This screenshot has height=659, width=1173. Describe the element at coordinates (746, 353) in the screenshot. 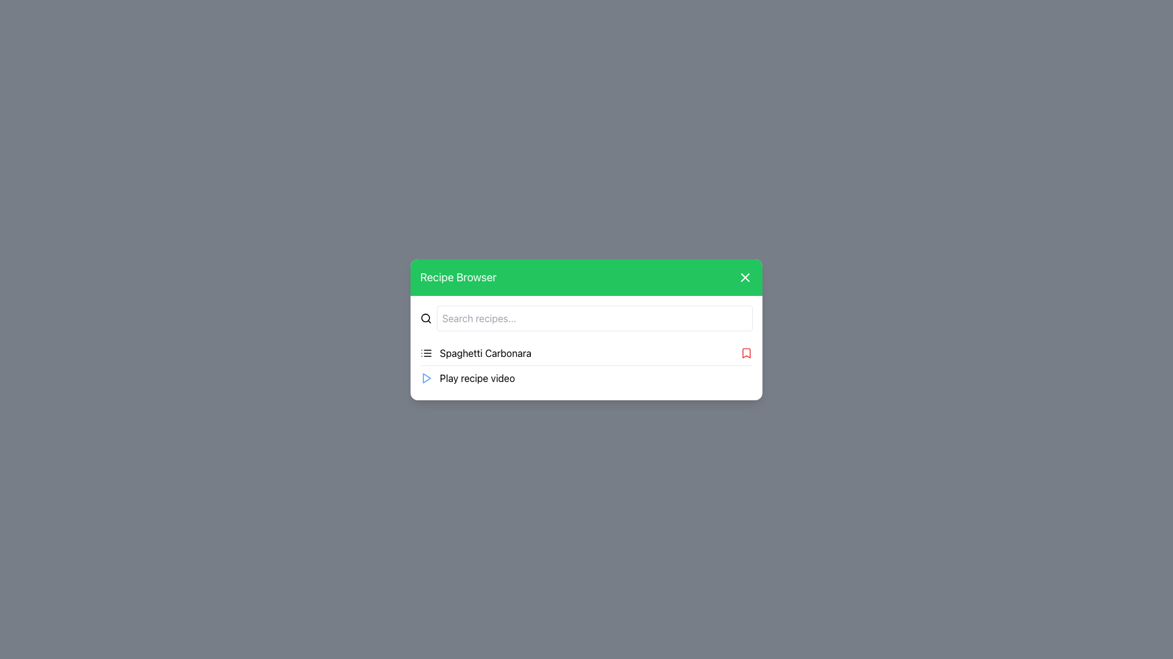

I see `the bookmark icon located on the far right of the second row, adjacent to the text 'Spaghetti Carbonara'` at that location.